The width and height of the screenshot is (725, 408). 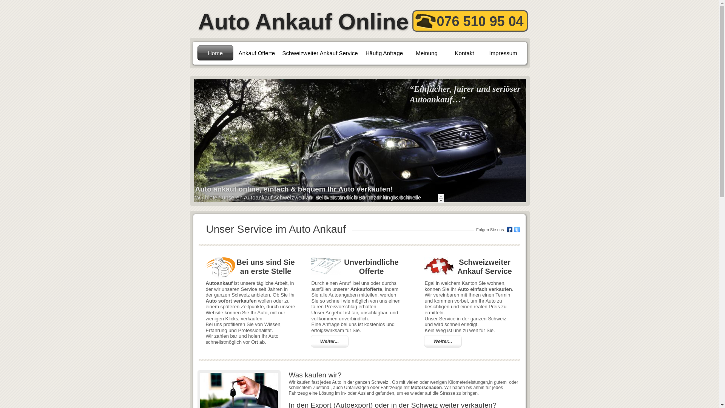 I want to click on 'Schweizweiter Ankauf Service', so click(x=280, y=52).